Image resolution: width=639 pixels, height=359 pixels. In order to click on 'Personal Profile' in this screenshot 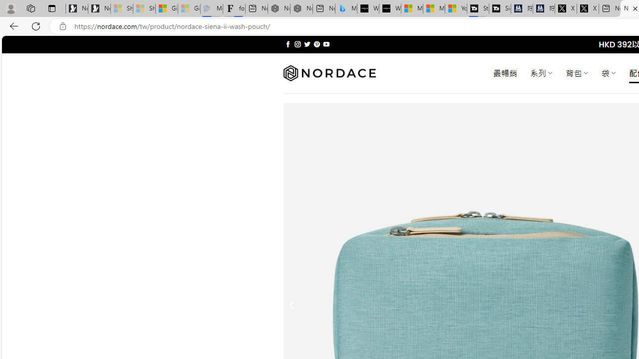, I will do `click(10, 8)`.